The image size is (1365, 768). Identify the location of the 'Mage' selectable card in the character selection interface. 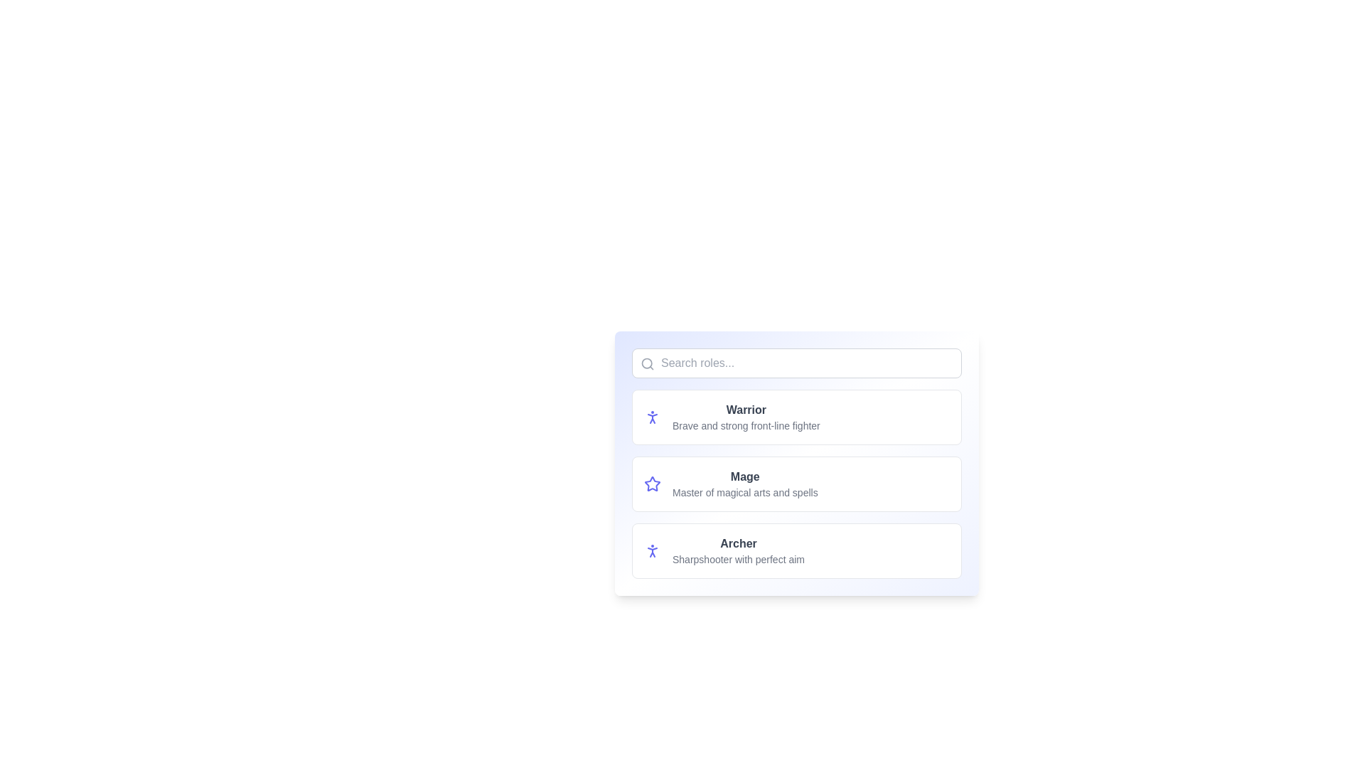
(797, 463).